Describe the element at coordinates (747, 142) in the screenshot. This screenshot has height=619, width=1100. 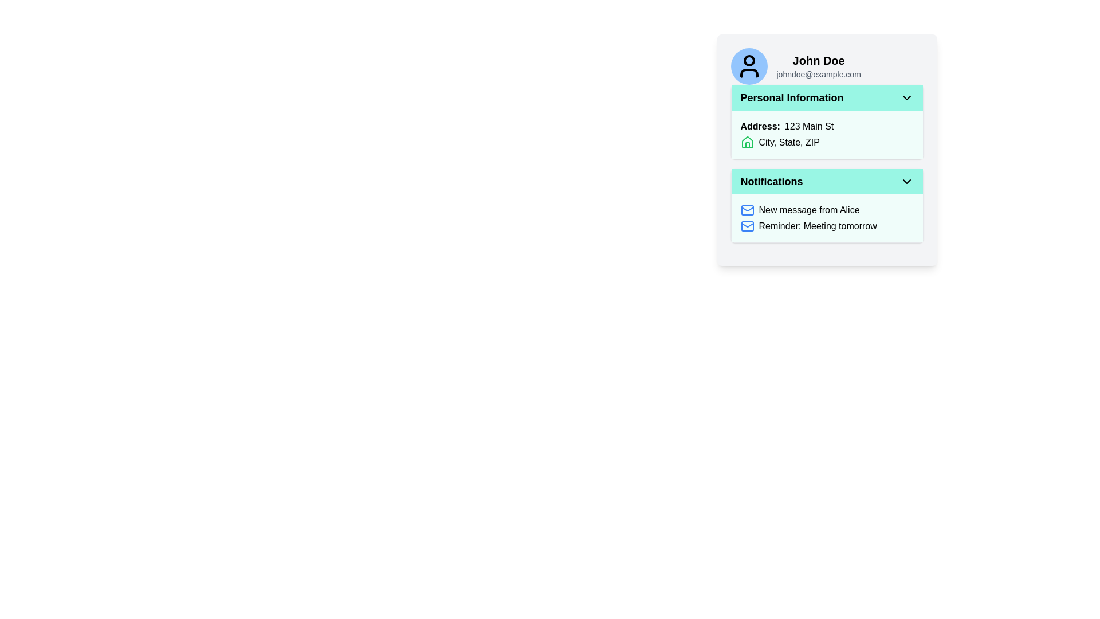
I see `the decorative 'Home' icon located to the left of the address text 'City, State, ZIP'` at that location.